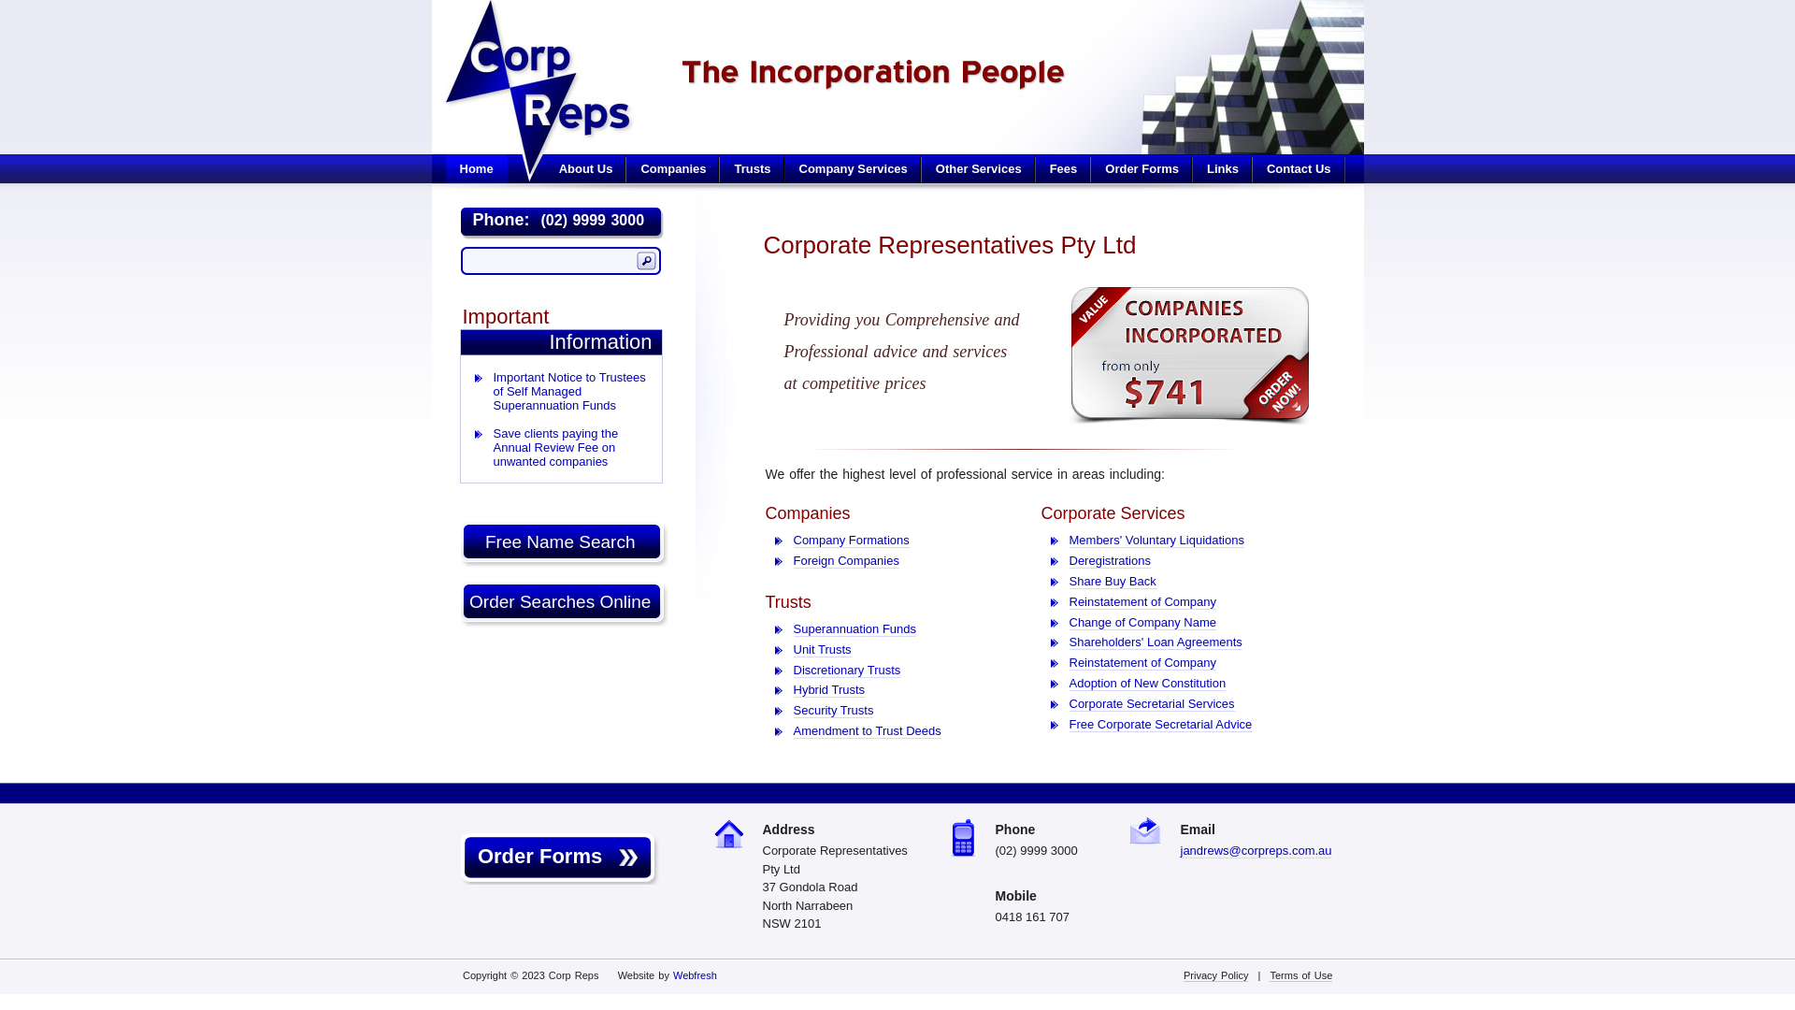  I want to click on 'Share Buy Back', so click(1113, 580).